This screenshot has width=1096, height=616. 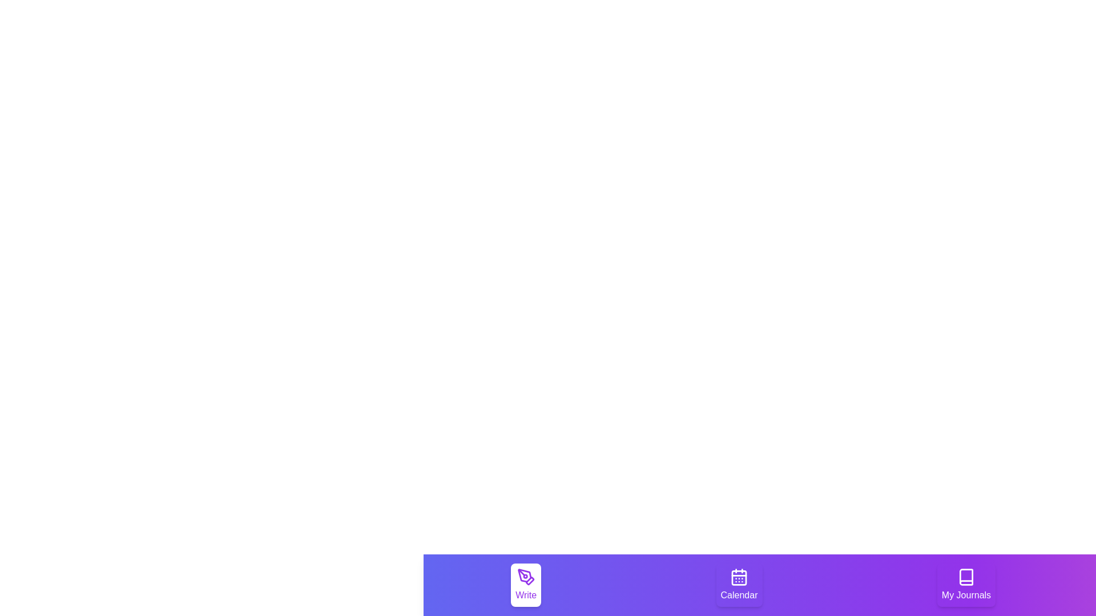 What do you see at coordinates (739, 585) in the screenshot?
I see `the tab labeled Calendar to see the hover effect` at bounding box center [739, 585].